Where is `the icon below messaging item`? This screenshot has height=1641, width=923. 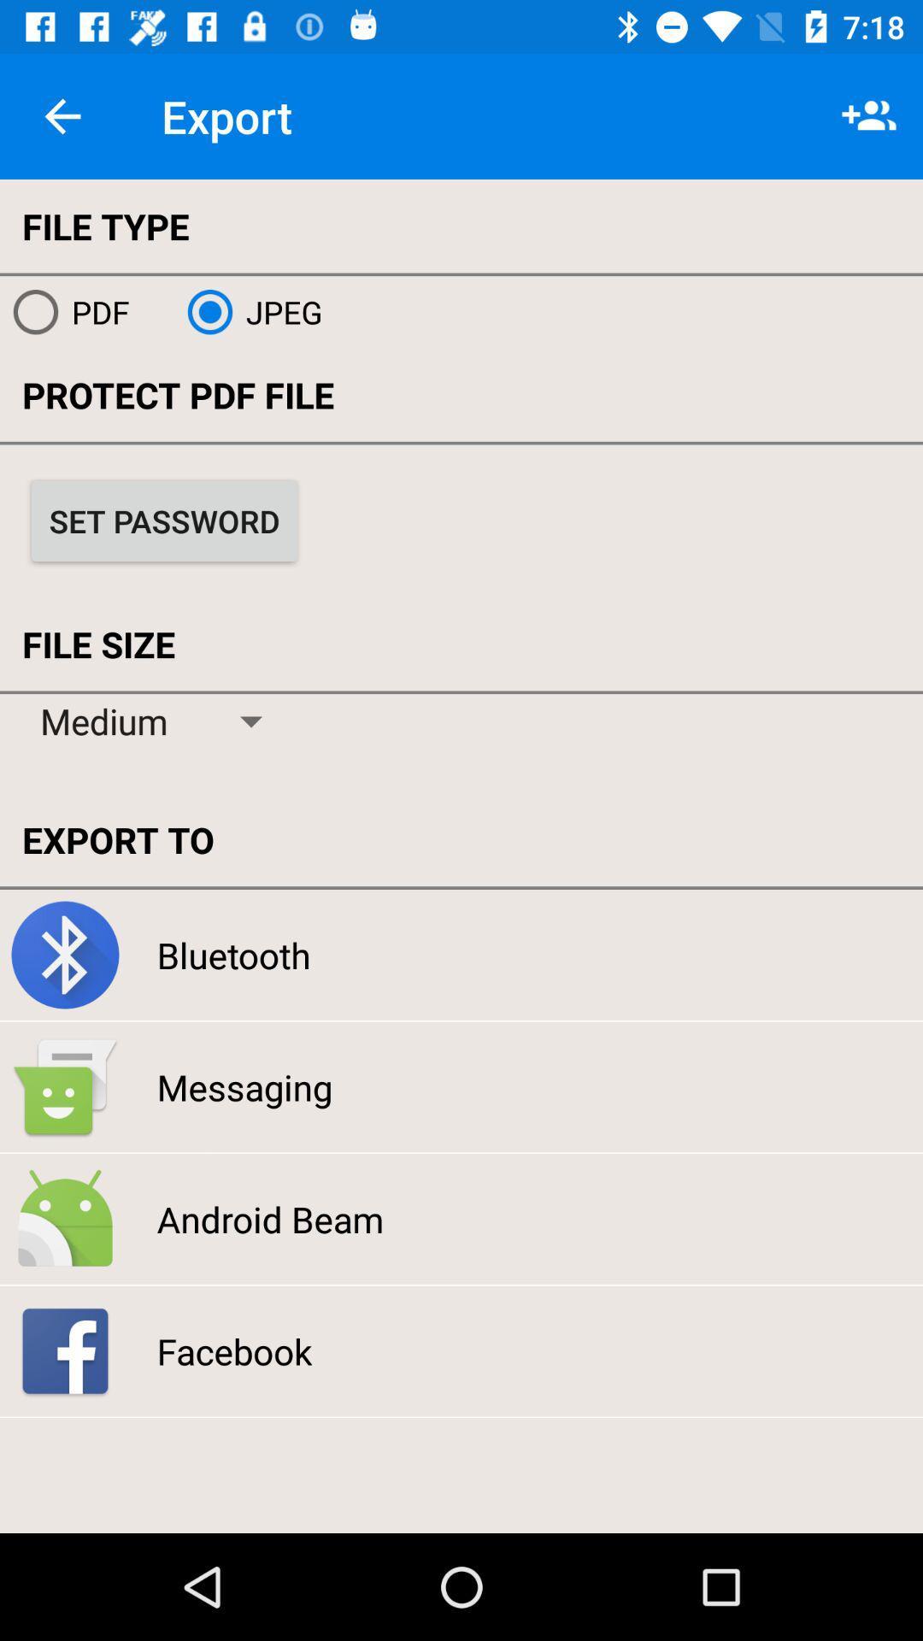
the icon below messaging item is located at coordinates (269, 1218).